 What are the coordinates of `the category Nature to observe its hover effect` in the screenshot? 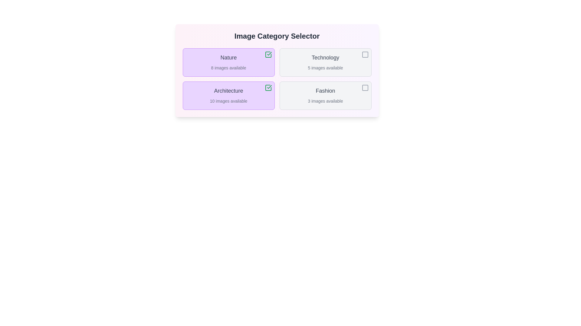 It's located at (228, 62).